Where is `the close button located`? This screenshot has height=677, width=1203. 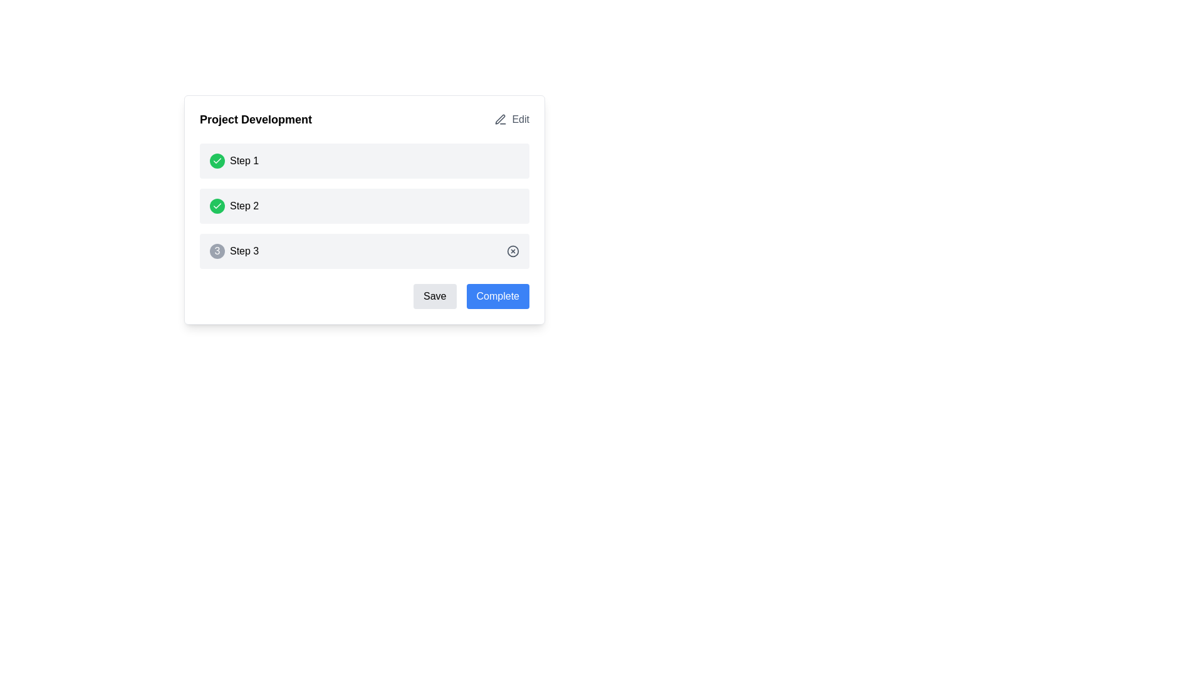
the close button located is located at coordinates (513, 251).